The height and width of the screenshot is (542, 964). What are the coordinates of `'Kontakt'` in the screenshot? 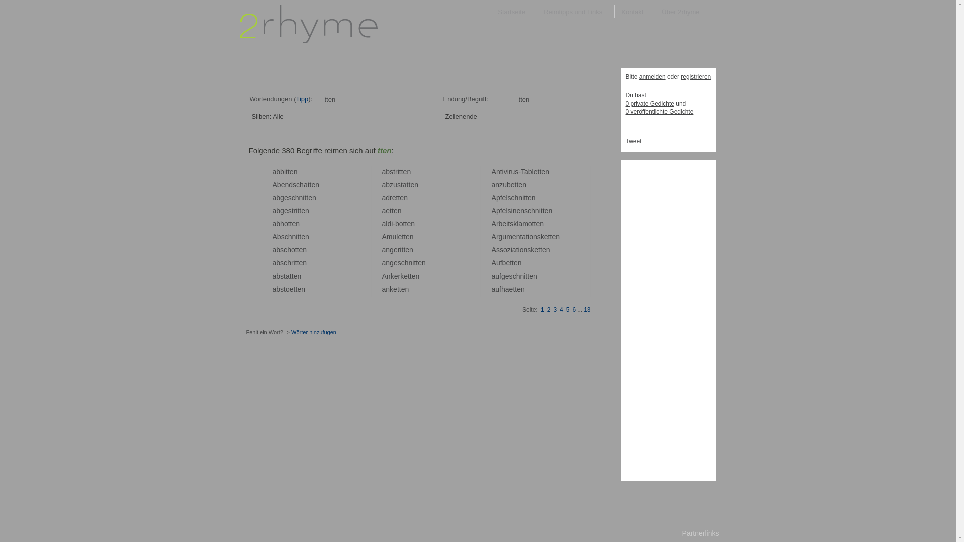 It's located at (634, 11).